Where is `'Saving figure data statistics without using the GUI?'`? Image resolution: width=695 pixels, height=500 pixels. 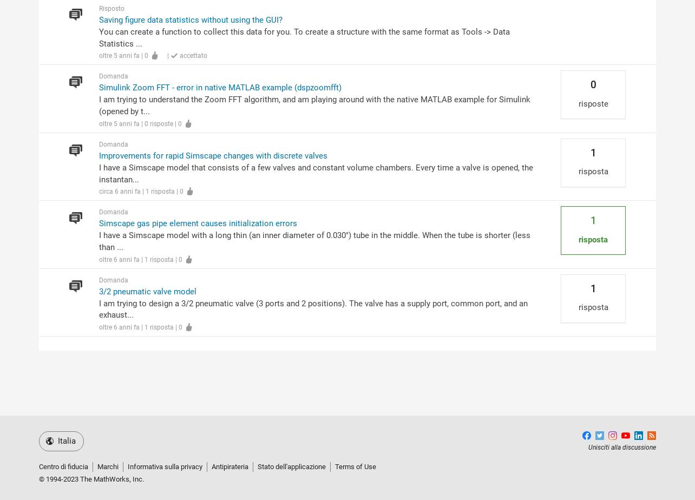 'Saving figure data statistics without using the GUI?' is located at coordinates (97, 19).